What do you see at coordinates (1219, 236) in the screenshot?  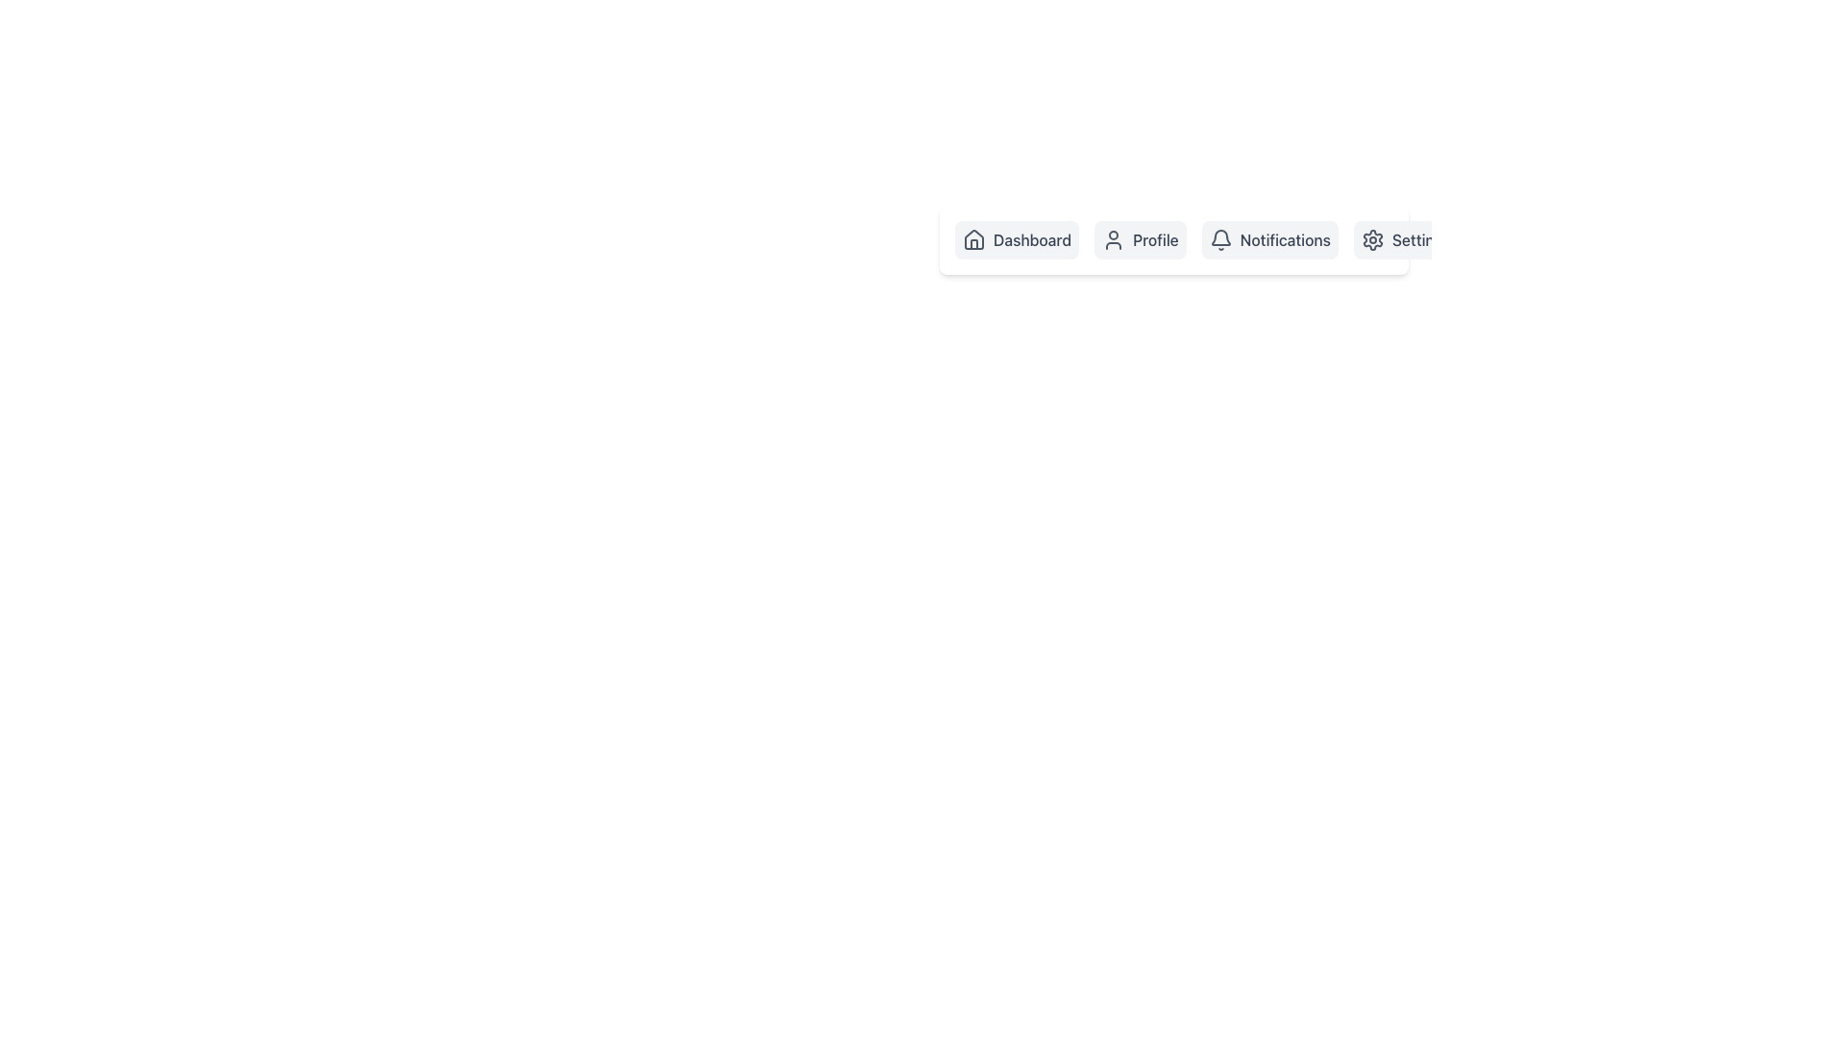 I see `the central part of the bell-shaped icon located in the navigation bar, specifically the third option from the left` at bounding box center [1219, 236].